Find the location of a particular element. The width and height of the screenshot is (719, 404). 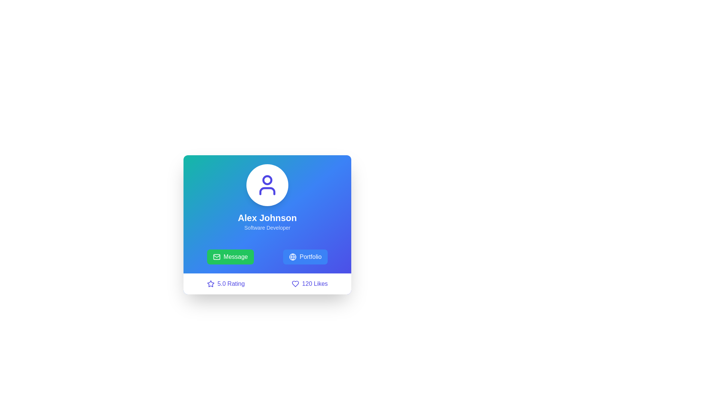

the messaging icon located within the 'Message' button, positioned on the left side of the text, to initiate a message is located at coordinates (216, 256).